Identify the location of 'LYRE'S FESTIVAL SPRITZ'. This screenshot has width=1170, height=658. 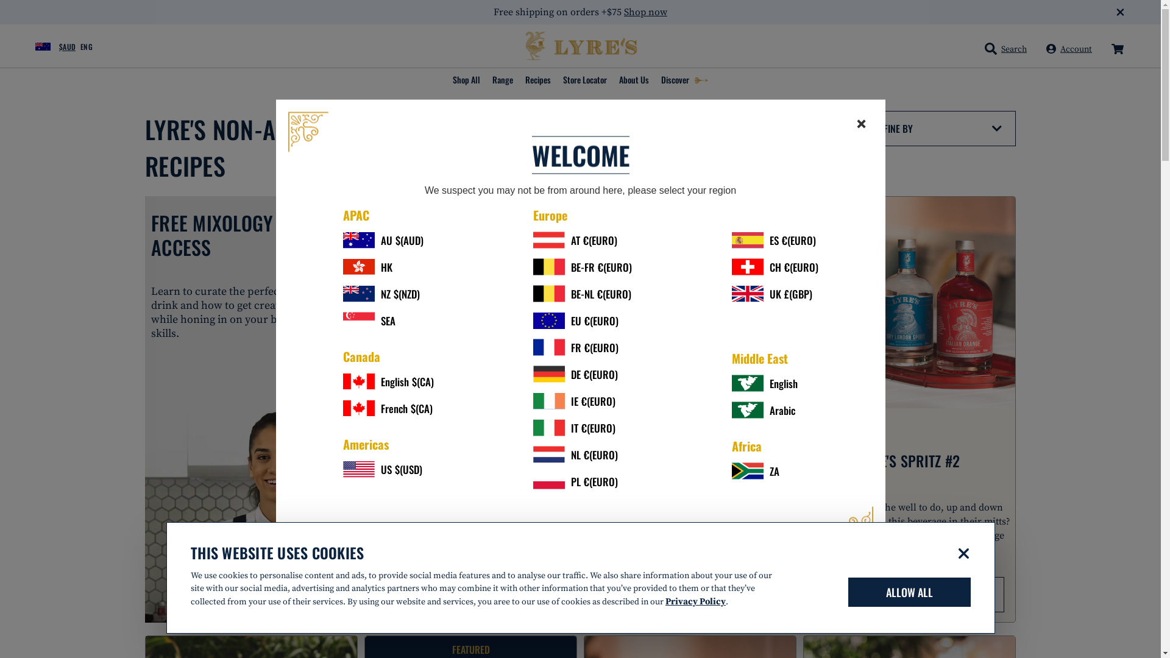
(402, 461).